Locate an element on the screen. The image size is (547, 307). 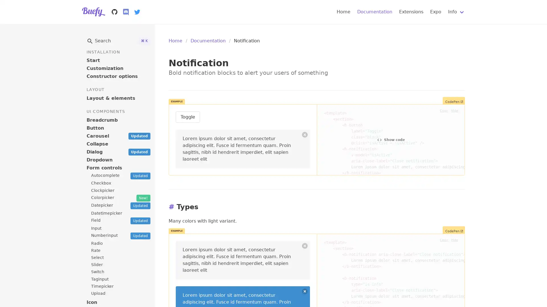
Close notification is located at coordinates (305, 135).